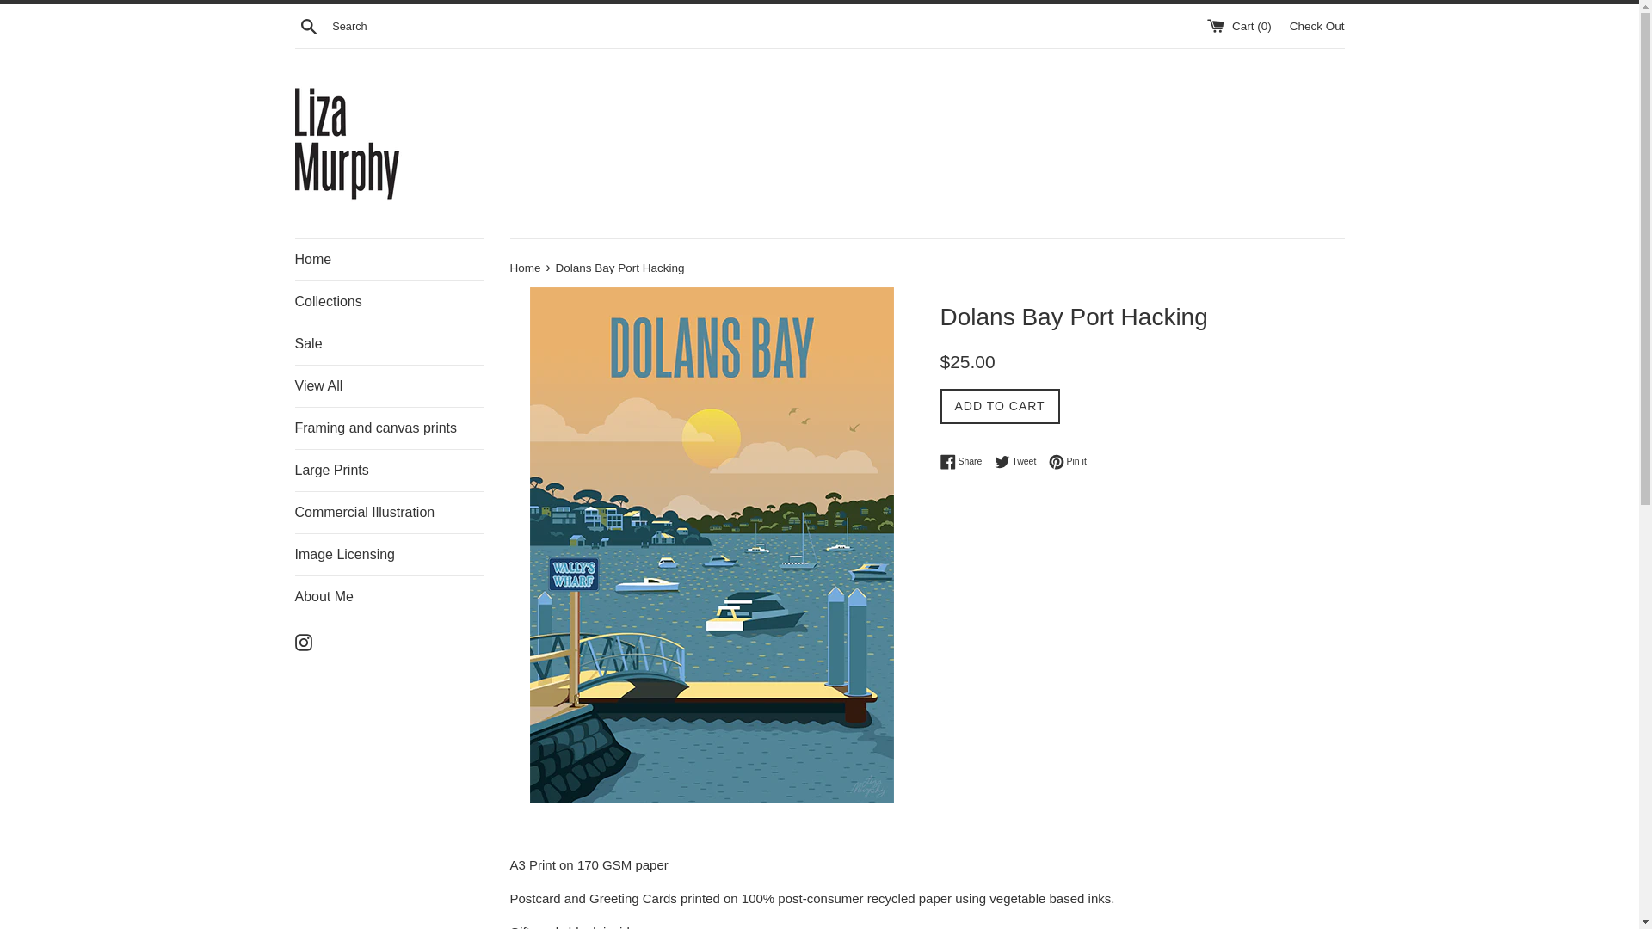 This screenshot has width=1652, height=929. Describe the element at coordinates (1289, 25) in the screenshot. I see `'Check Out'` at that location.